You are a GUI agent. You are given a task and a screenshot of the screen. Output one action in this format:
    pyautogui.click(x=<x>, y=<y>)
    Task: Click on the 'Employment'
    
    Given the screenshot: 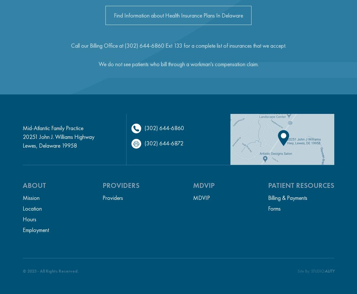 What is the action you would take?
    pyautogui.click(x=22, y=230)
    